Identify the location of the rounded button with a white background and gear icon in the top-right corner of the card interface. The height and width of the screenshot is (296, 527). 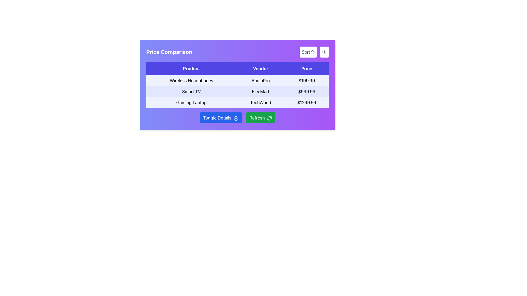
(324, 52).